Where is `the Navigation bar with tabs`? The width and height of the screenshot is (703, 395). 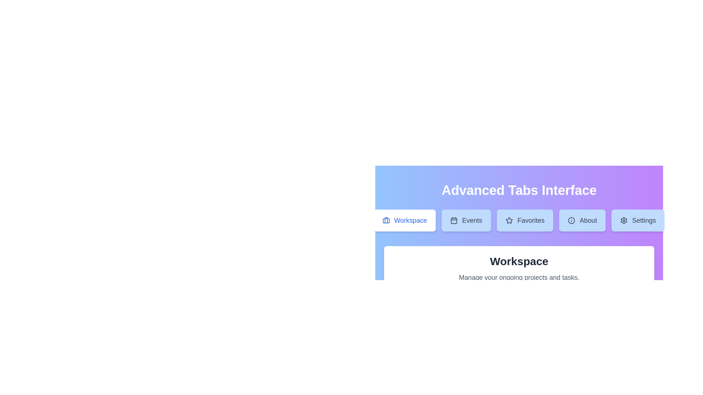
the Navigation bar with tabs is located at coordinates (518, 218).